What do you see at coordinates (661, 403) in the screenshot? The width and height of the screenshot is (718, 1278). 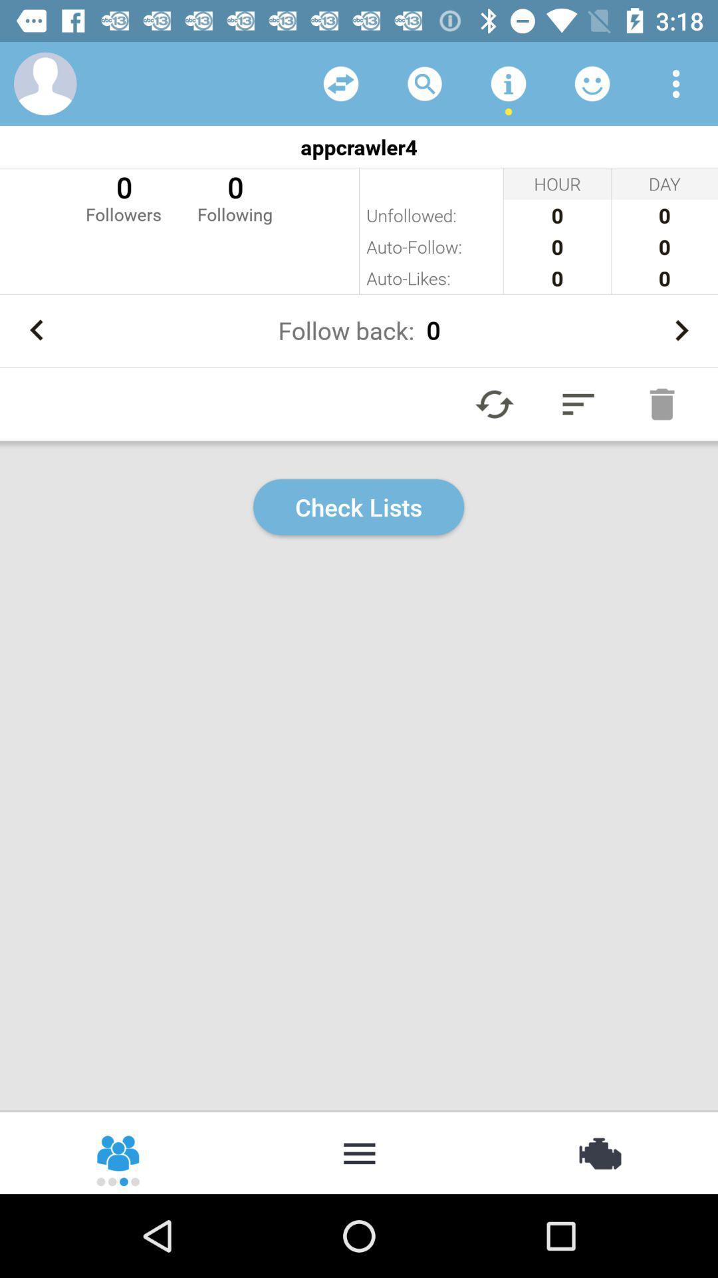 I see `the delete icon` at bounding box center [661, 403].